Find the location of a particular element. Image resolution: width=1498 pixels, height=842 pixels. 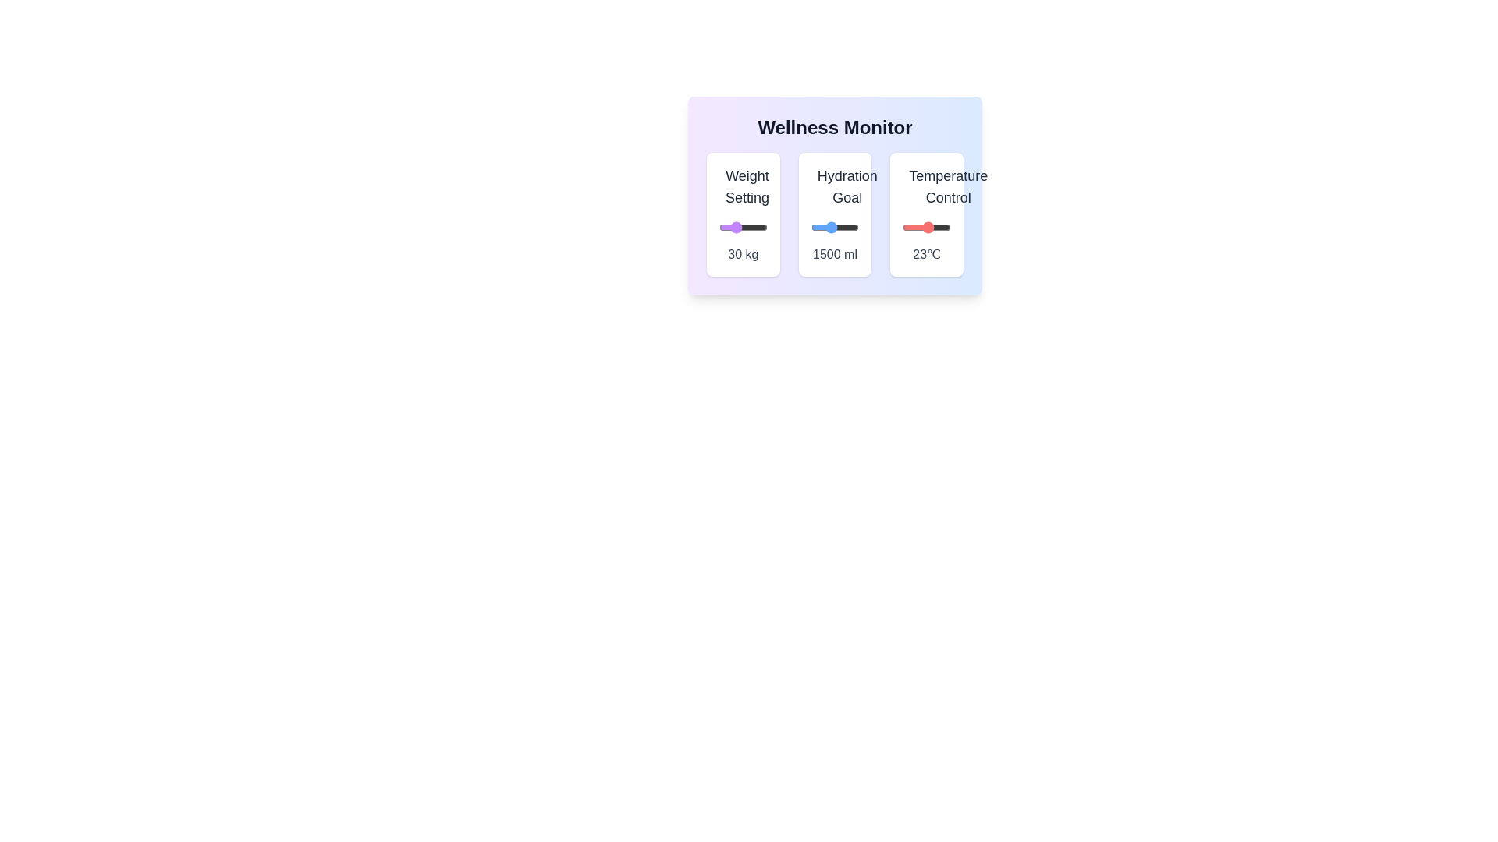

the slider handle in the 'Weight Setting' section, which allows users to adjust the weight value between 0 and 100 is located at coordinates (742, 228).